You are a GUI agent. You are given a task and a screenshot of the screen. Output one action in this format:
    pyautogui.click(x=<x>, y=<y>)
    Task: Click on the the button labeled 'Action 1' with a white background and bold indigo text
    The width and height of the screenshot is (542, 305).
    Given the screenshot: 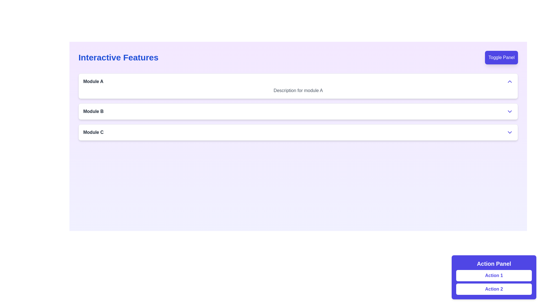 What is the action you would take?
    pyautogui.click(x=494, y=275)
    